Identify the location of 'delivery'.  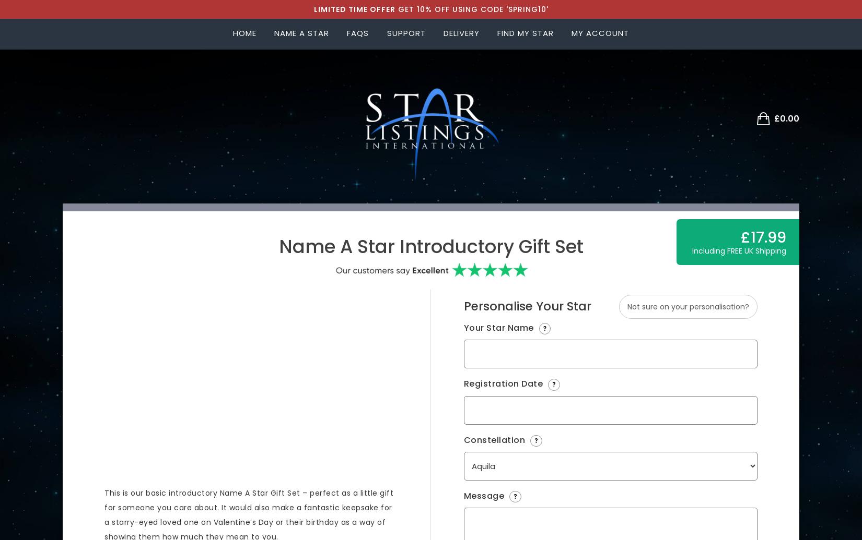
(461, 33).